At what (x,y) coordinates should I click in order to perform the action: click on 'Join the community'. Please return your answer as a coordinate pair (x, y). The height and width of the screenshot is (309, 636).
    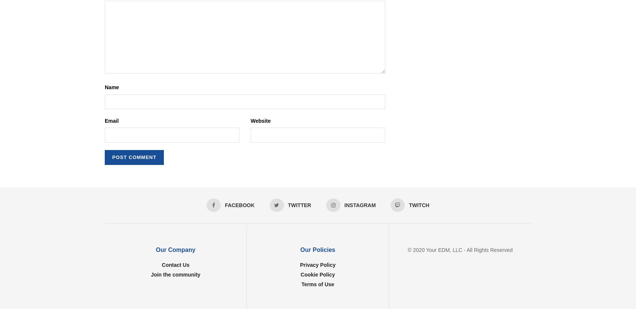
    Looking at the image, I should click on (150, 274).